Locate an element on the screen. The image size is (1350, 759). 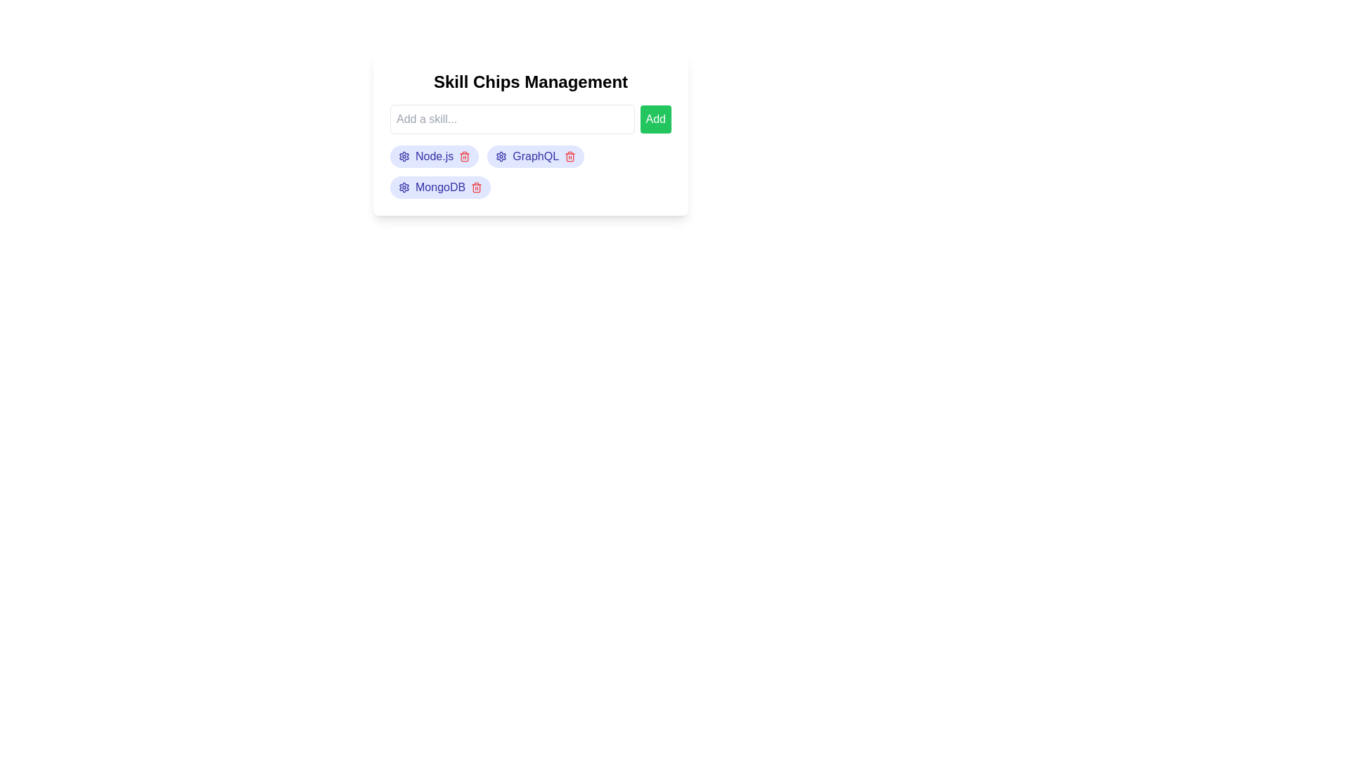
the trash icon of the chip labeled Node.js is located at coordinates (465, 157).